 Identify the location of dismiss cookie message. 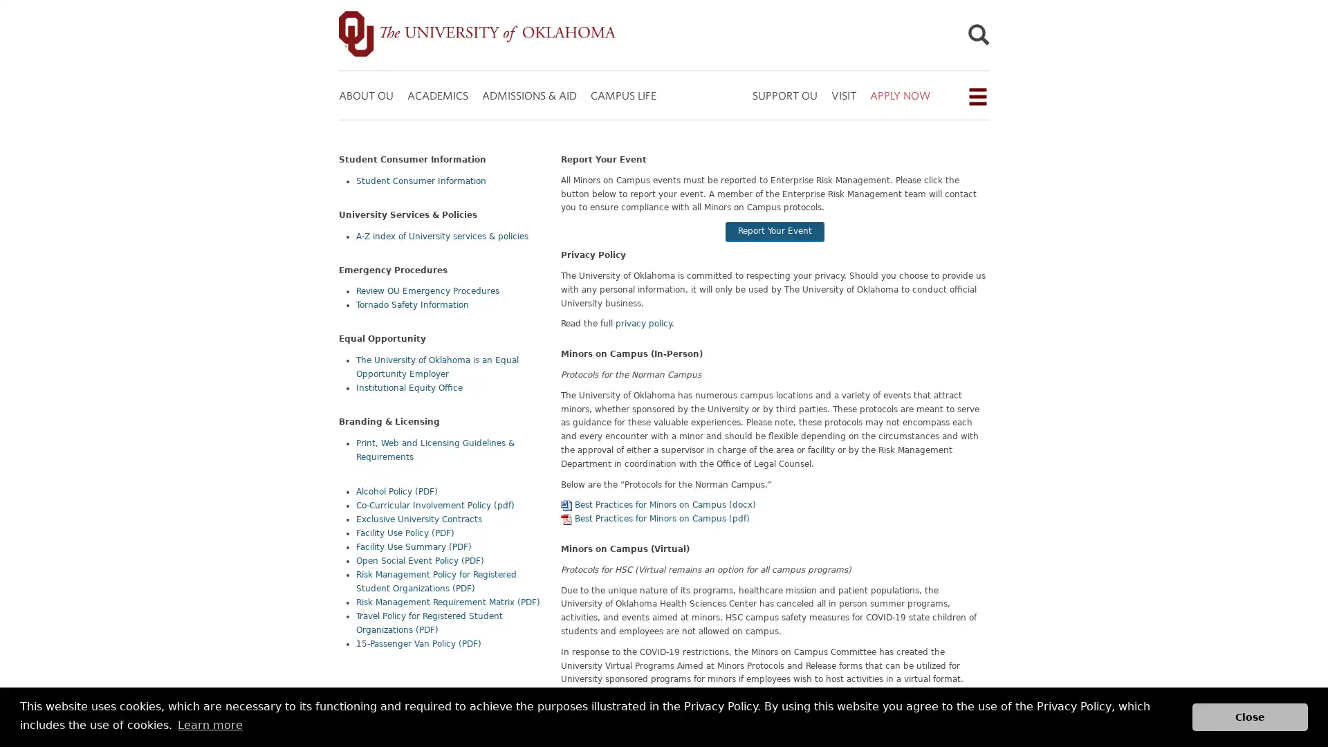
(1250, 716).